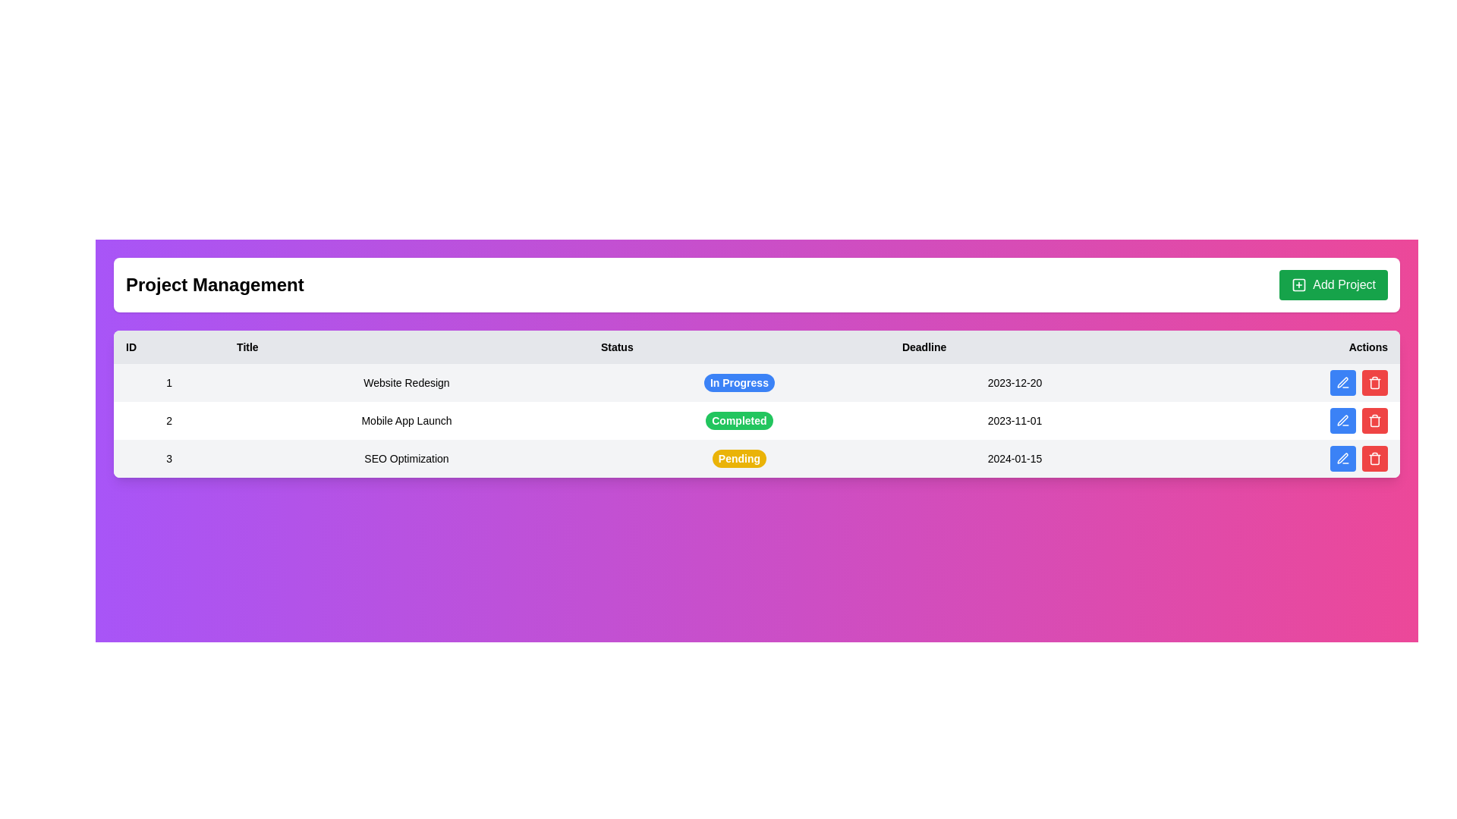  I want to click on the trash bin icon, which is a red rectangular button with rounded corners located in the 'Actions' column of the third row in the project management table, so click(1374, 383).